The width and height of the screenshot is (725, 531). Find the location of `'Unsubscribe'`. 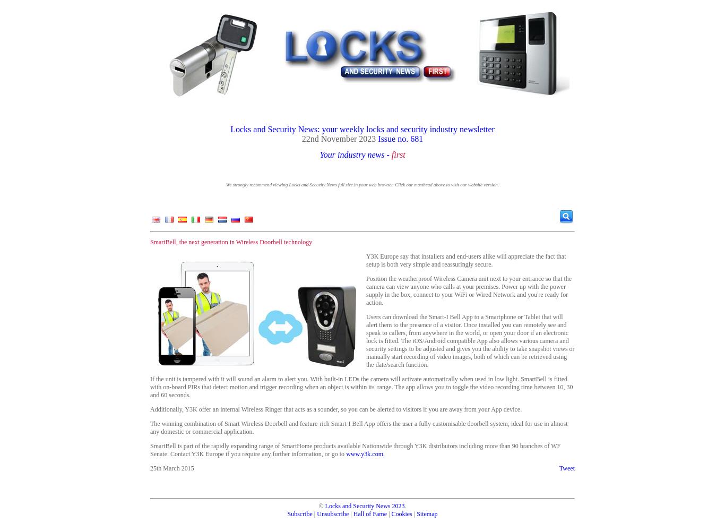

'Unsubscribe' is located at coordinates (332, 513).